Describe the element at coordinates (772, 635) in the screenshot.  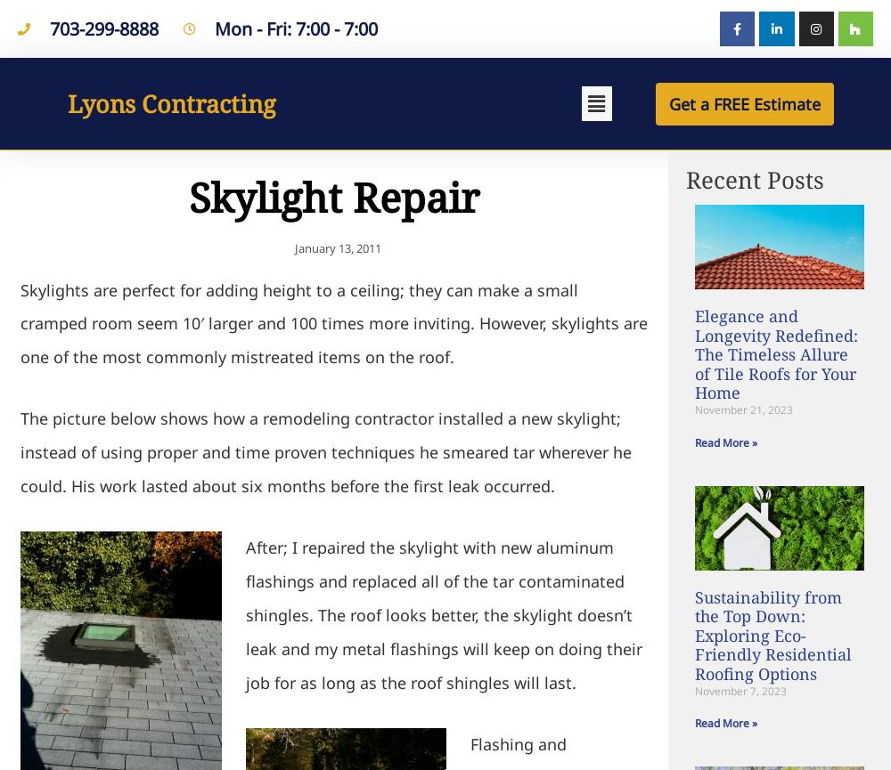
I see `'Sustainability from the Top Down: Exploring Eco-Friendly Residential Roofing Options'` at that location.